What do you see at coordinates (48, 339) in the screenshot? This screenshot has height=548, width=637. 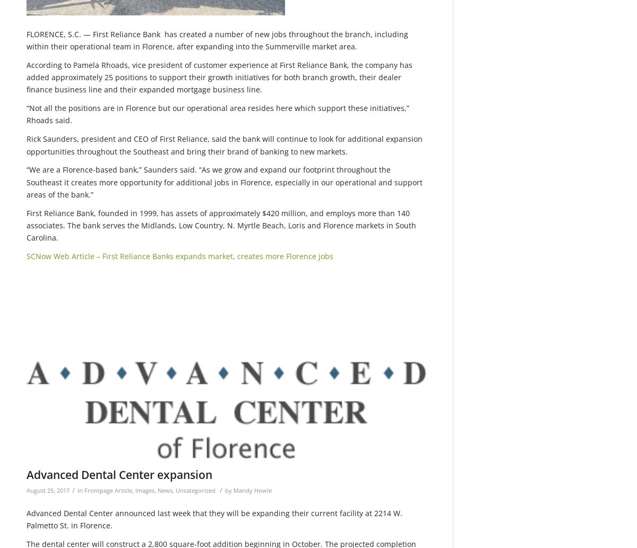 I see `'346'` at bounding box center [48, 339].